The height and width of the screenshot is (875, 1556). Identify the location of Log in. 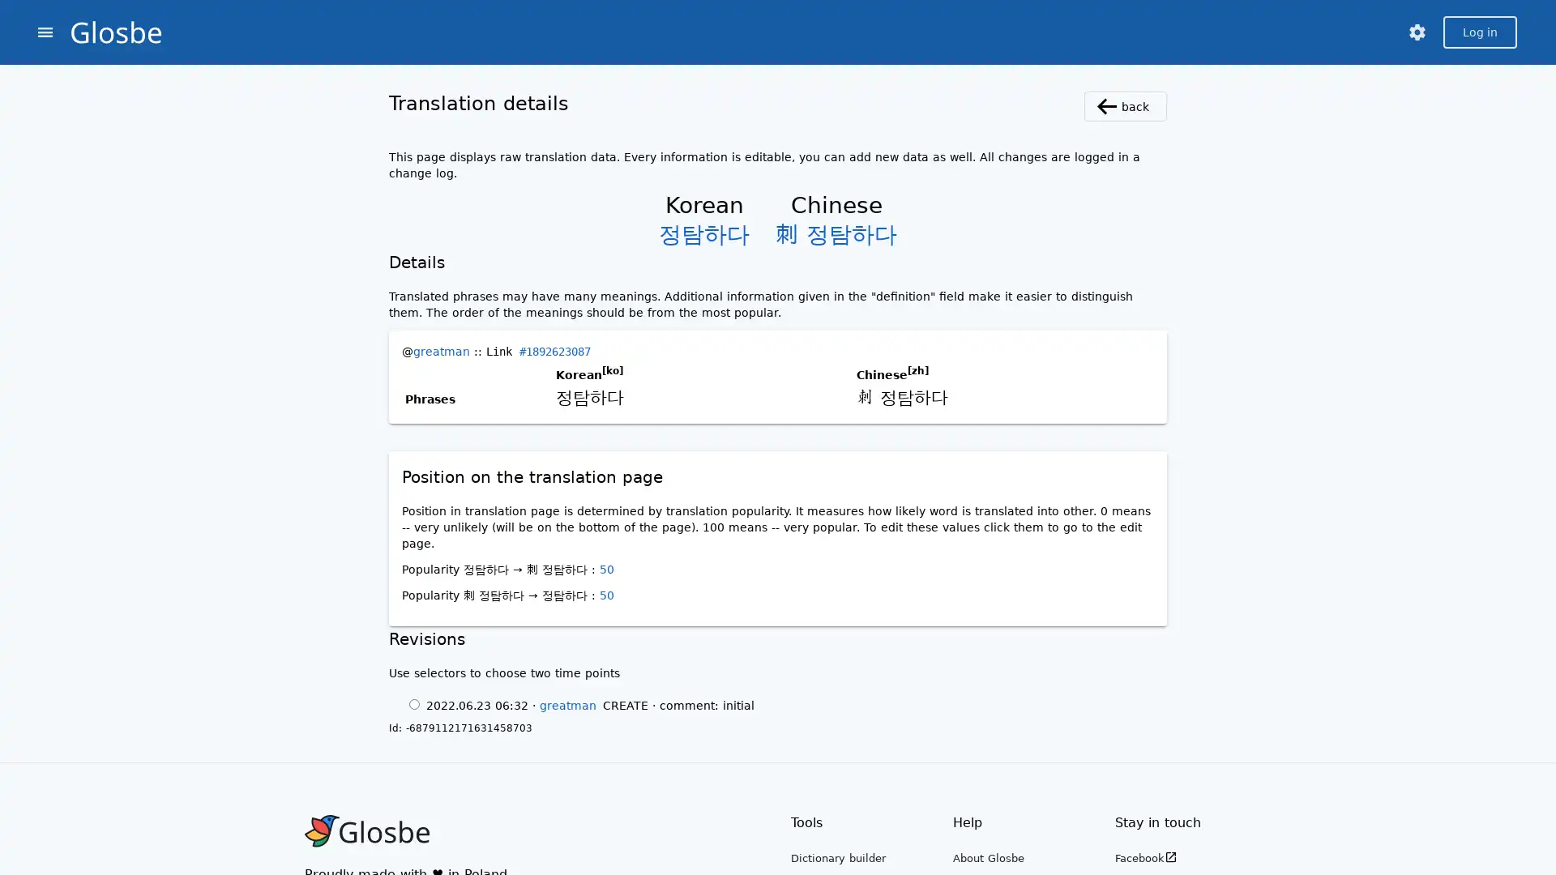
(1480, 32).